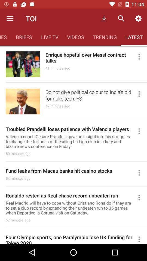 The width and height of the screenshot is (147, 261). What do you see at coordinates (141, 57) in the screenshot?
I see `hide or share the article` at bounding box center [141, 57].